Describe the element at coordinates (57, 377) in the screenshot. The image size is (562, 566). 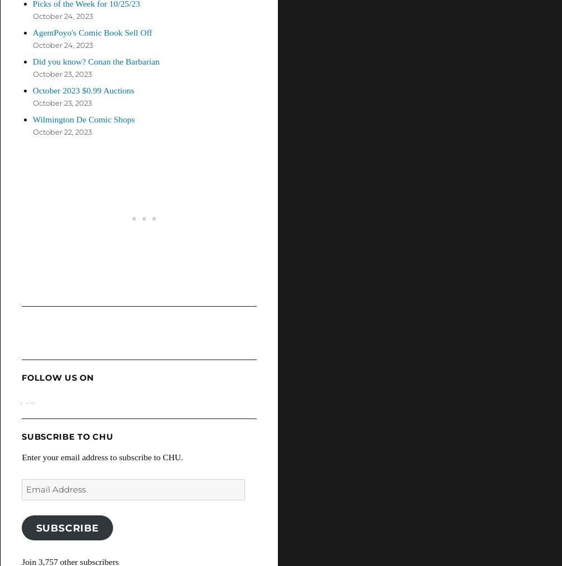
I see `'Follow Us On'` at that location.